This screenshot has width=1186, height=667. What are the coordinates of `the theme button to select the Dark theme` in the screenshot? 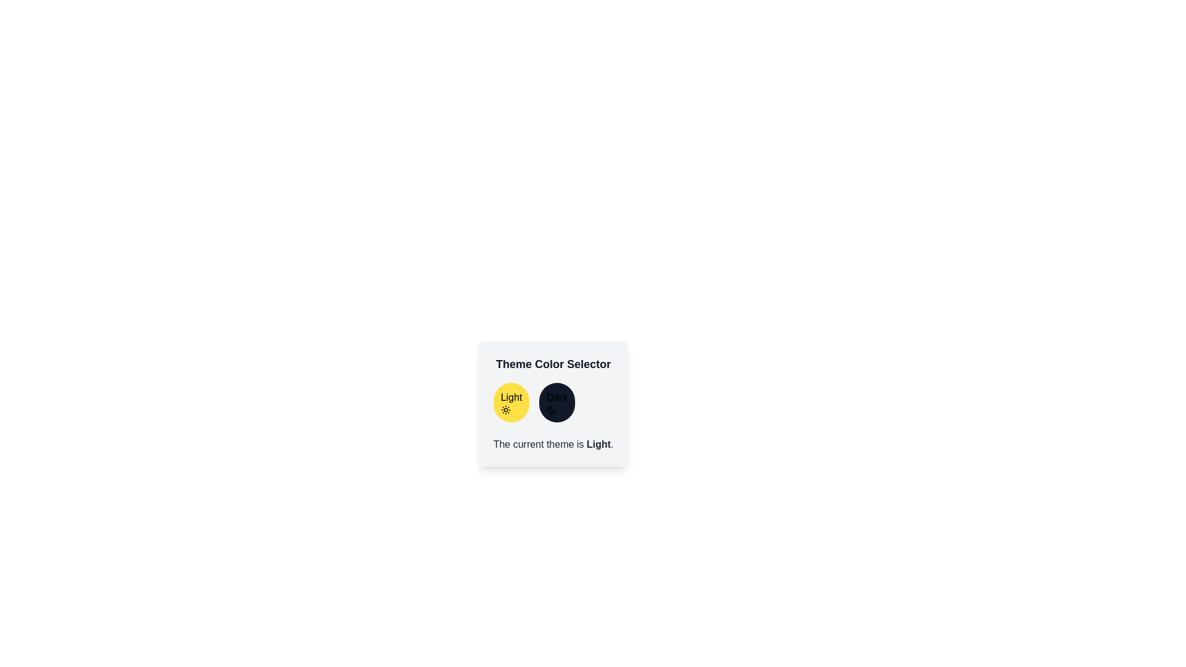 It's located at (557, 402).